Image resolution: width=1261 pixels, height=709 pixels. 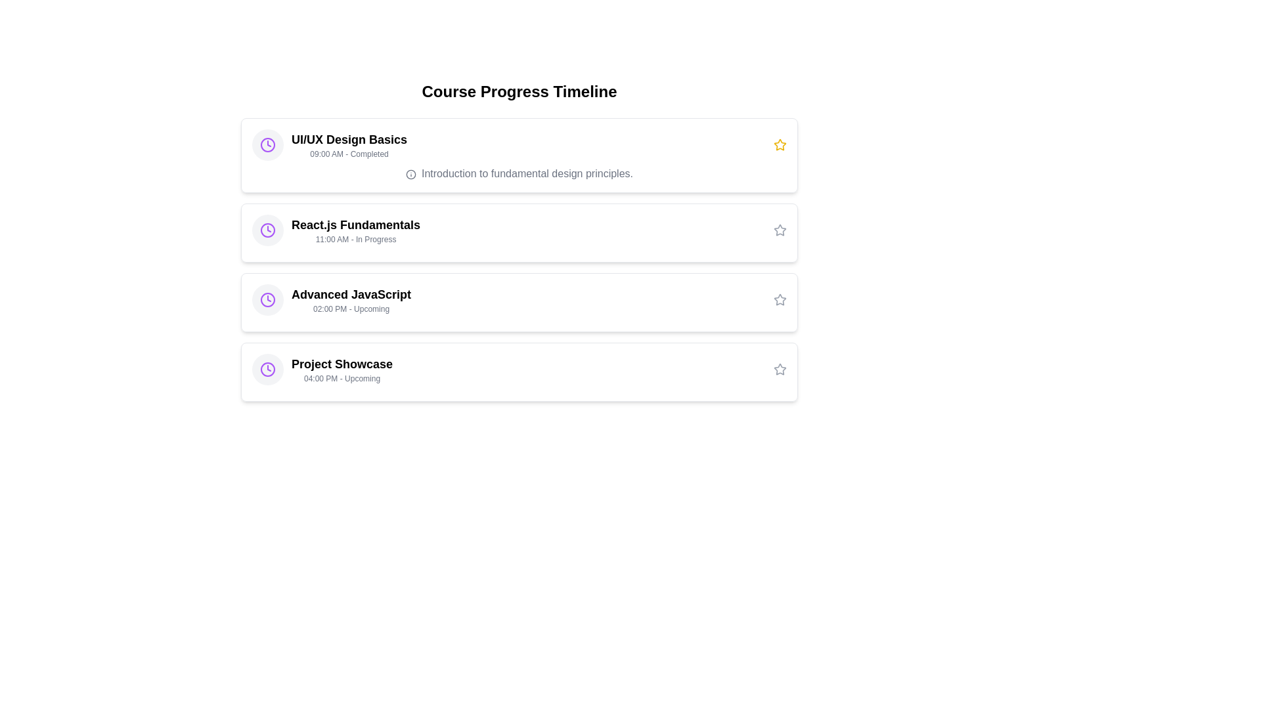 I want to click on the information icon located to the left of the text 'Introduction to fundamental design principles.' on the first card of 'UI/UX Design Basics' in the course progress timeline, so click(x=410, y=173).